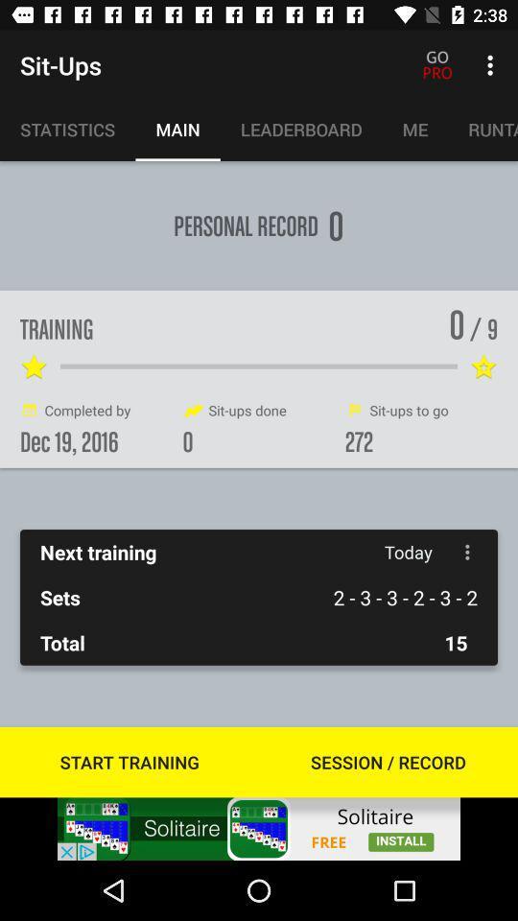  Describe the element at coordinates (466, 552) in the screenshot. I see `open hamburger menu` at that location.